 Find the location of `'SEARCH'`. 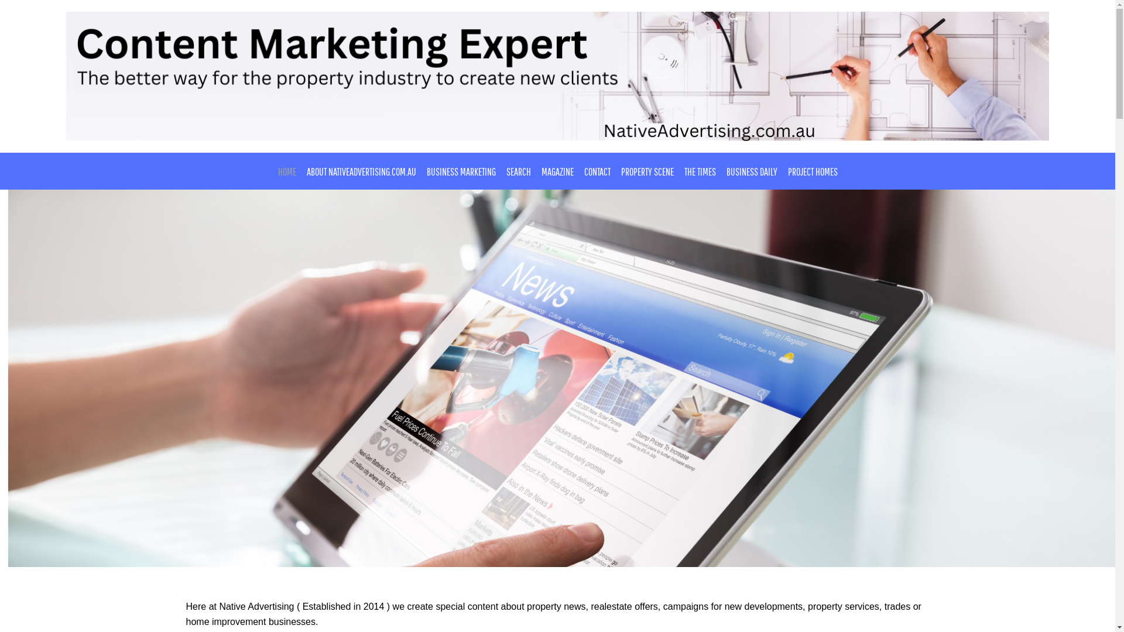

'SEARCH' is located at coordinates (518, 171).